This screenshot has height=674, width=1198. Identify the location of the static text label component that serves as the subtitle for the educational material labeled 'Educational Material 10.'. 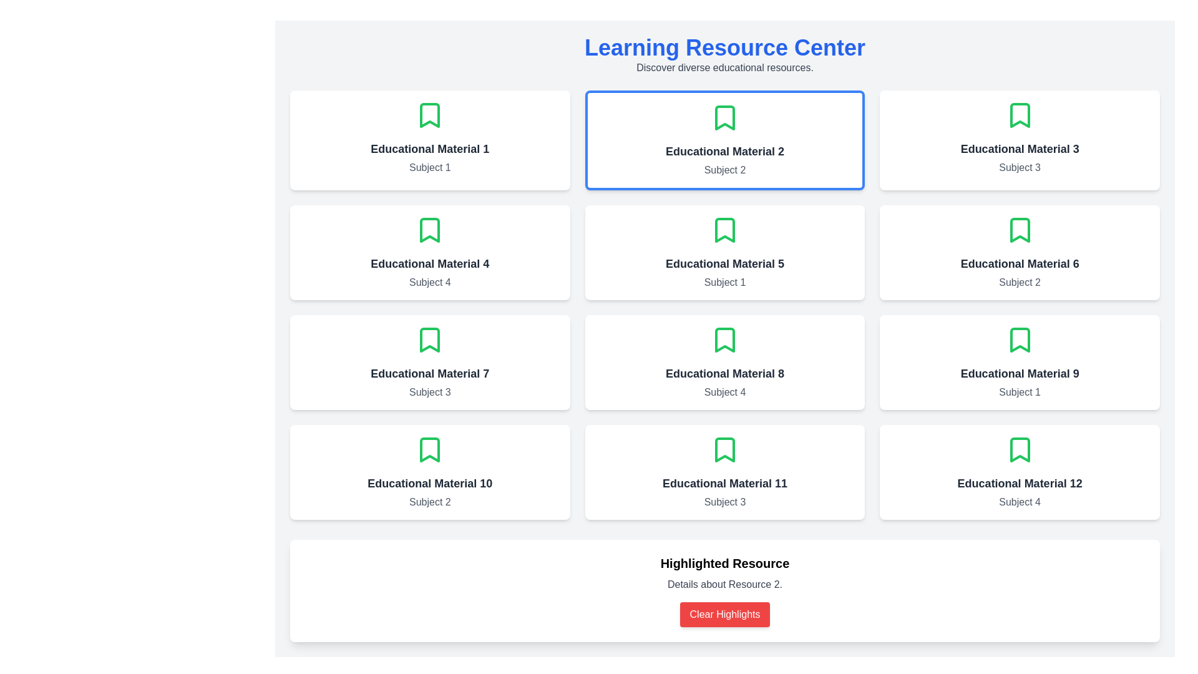
(430, 502).